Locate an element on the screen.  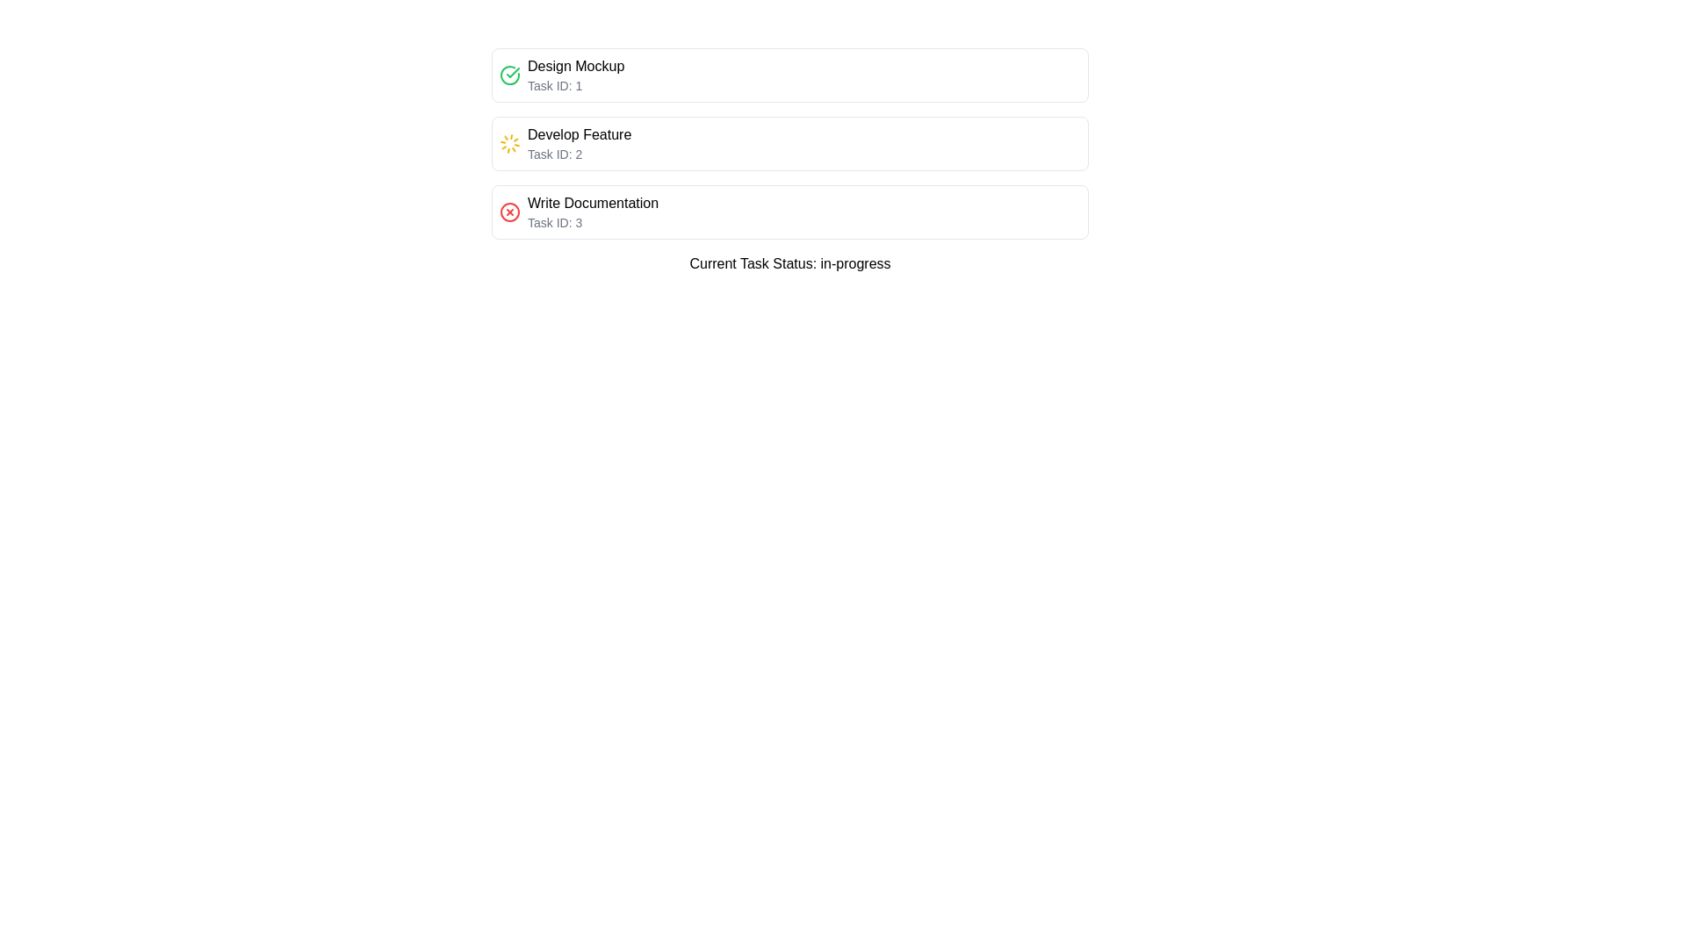
the informational Text label displaying the current status of the overarching task, which is positioned below the 'Write Documentation Task ID: 3' item is located at coordinates (789, 263).